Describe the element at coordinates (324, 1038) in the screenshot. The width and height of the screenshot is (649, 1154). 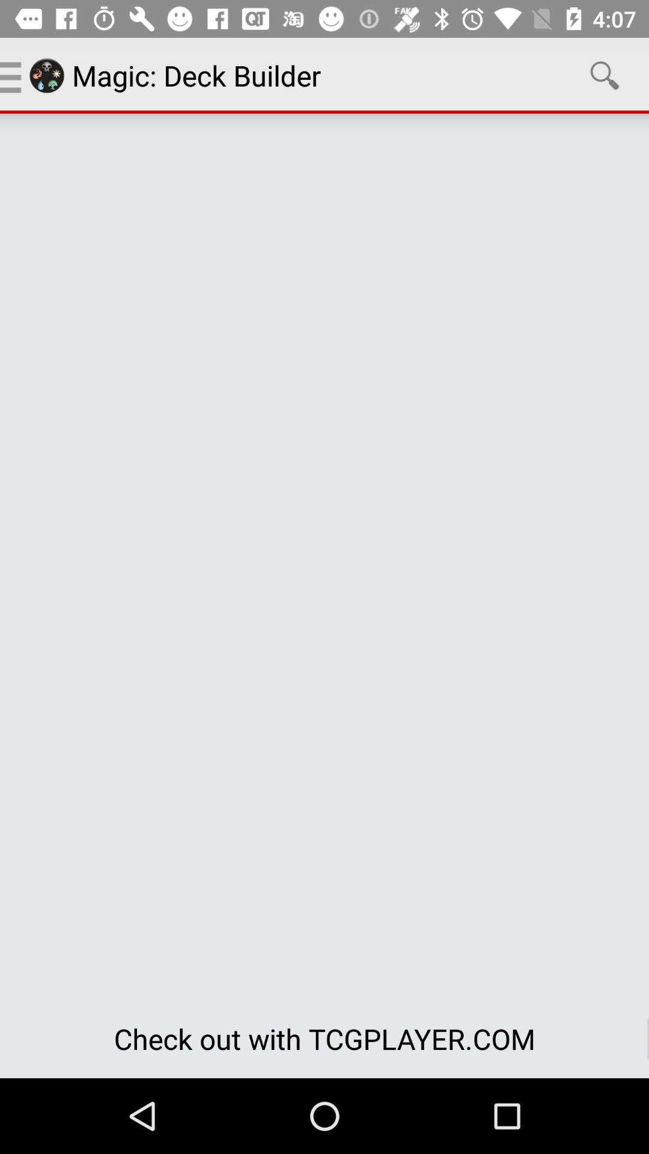
I see `the check out with item` at that location.